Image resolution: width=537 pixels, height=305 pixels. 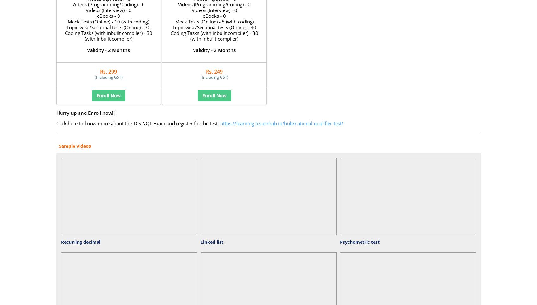 What do you see at coordinates (108, 27) in the screenshot?
I see `'Topic wise/Sectional tests (Online) - 70'` at bounding box center [108, 27].